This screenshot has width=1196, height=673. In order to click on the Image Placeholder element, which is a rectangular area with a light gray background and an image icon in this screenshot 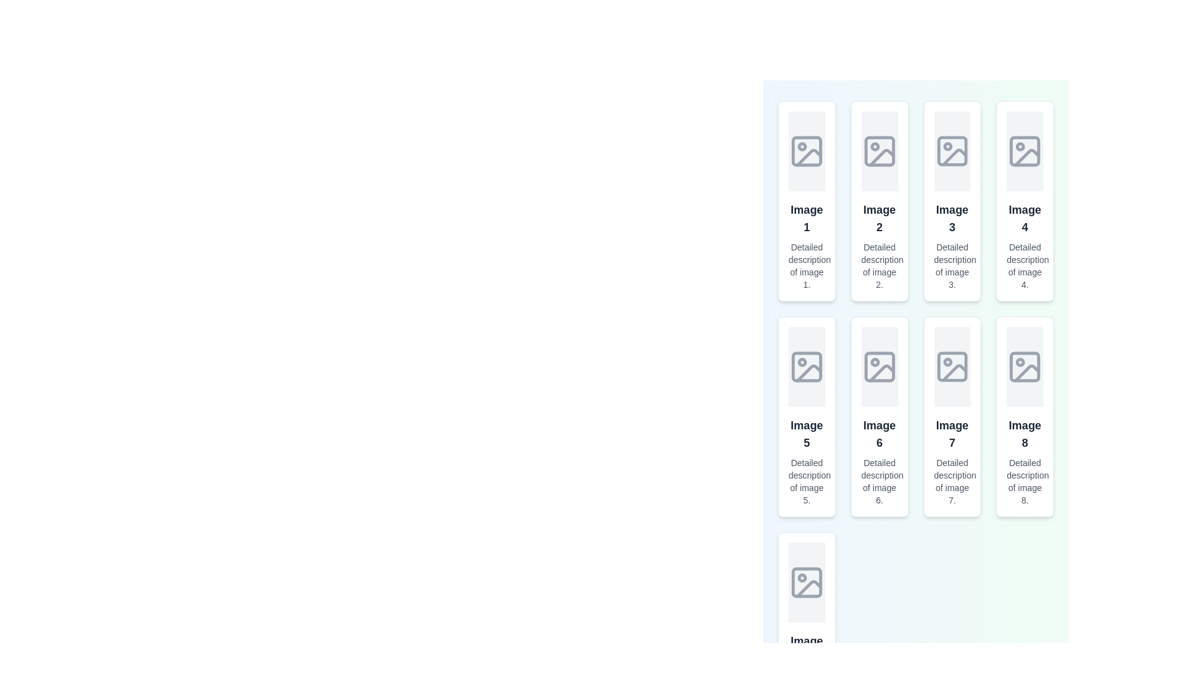, I will do `click(807, 366)`.